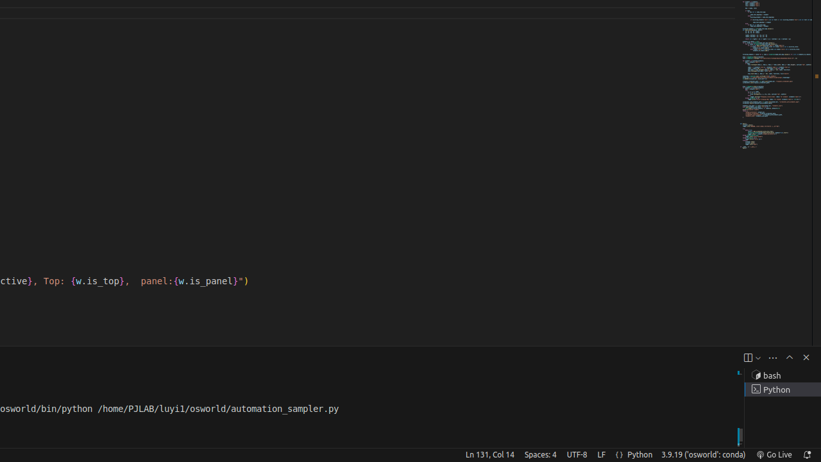  I want to click on 'Hide Panel', so click(805, 357).